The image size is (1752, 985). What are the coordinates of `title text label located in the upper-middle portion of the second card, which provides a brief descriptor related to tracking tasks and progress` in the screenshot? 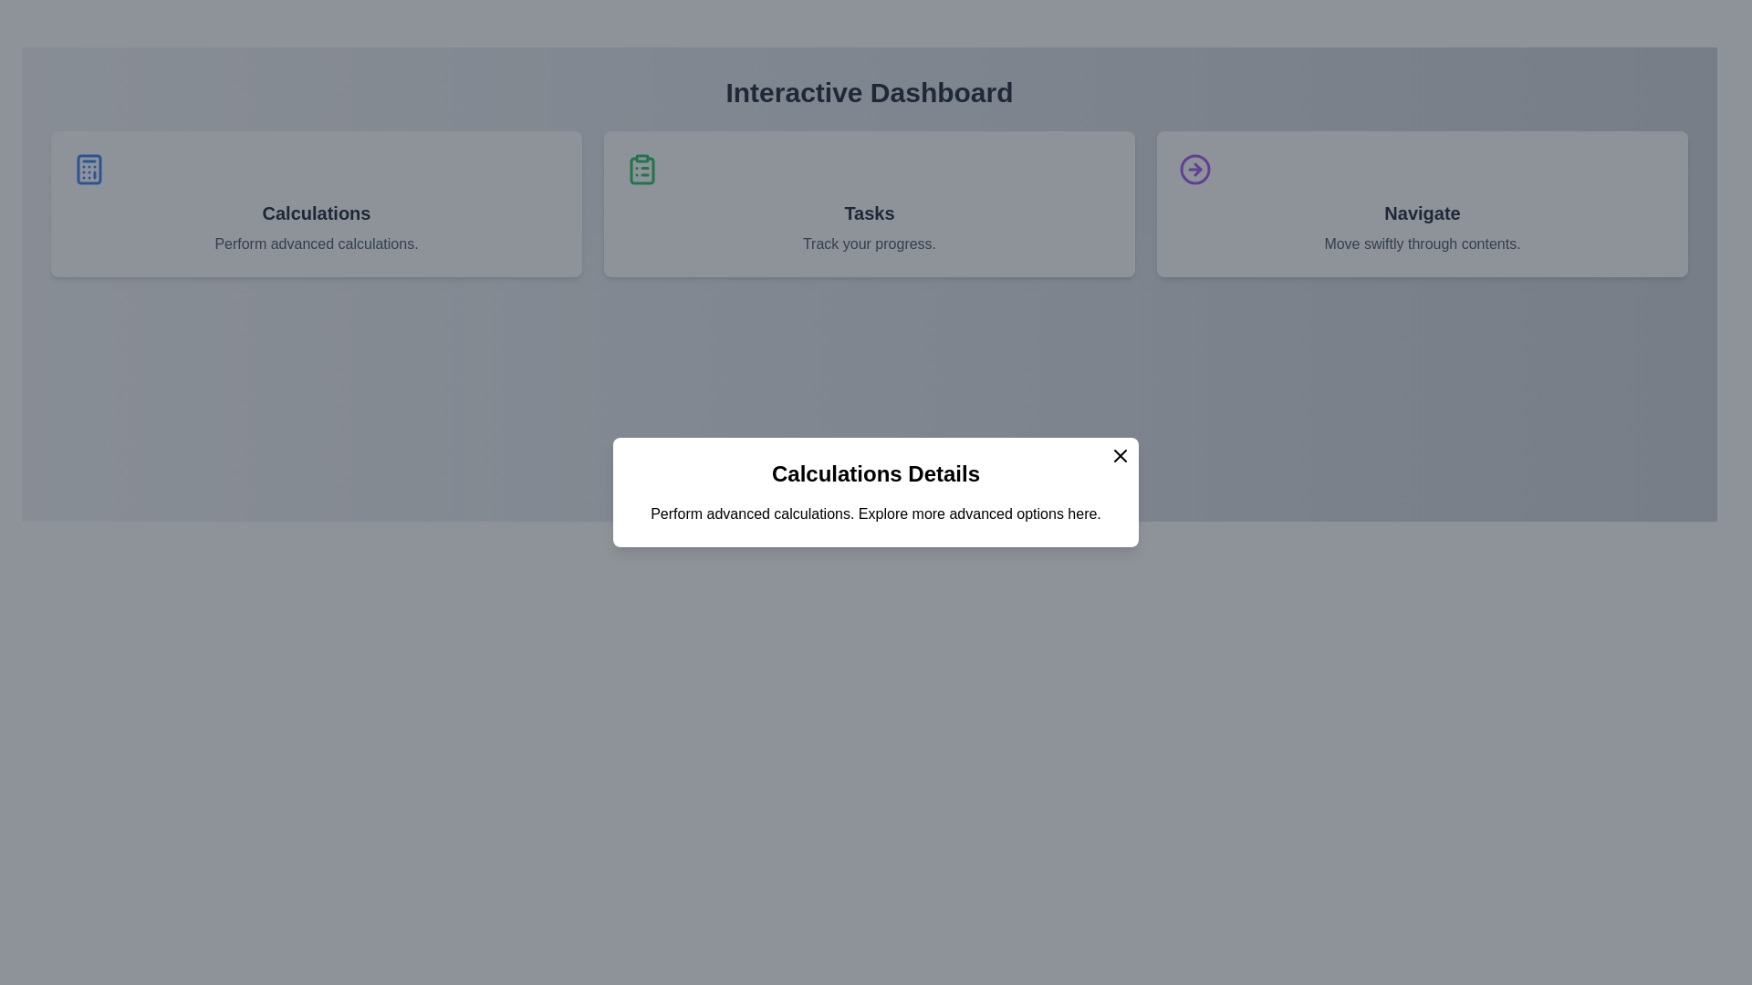 It's located at (869, 213).